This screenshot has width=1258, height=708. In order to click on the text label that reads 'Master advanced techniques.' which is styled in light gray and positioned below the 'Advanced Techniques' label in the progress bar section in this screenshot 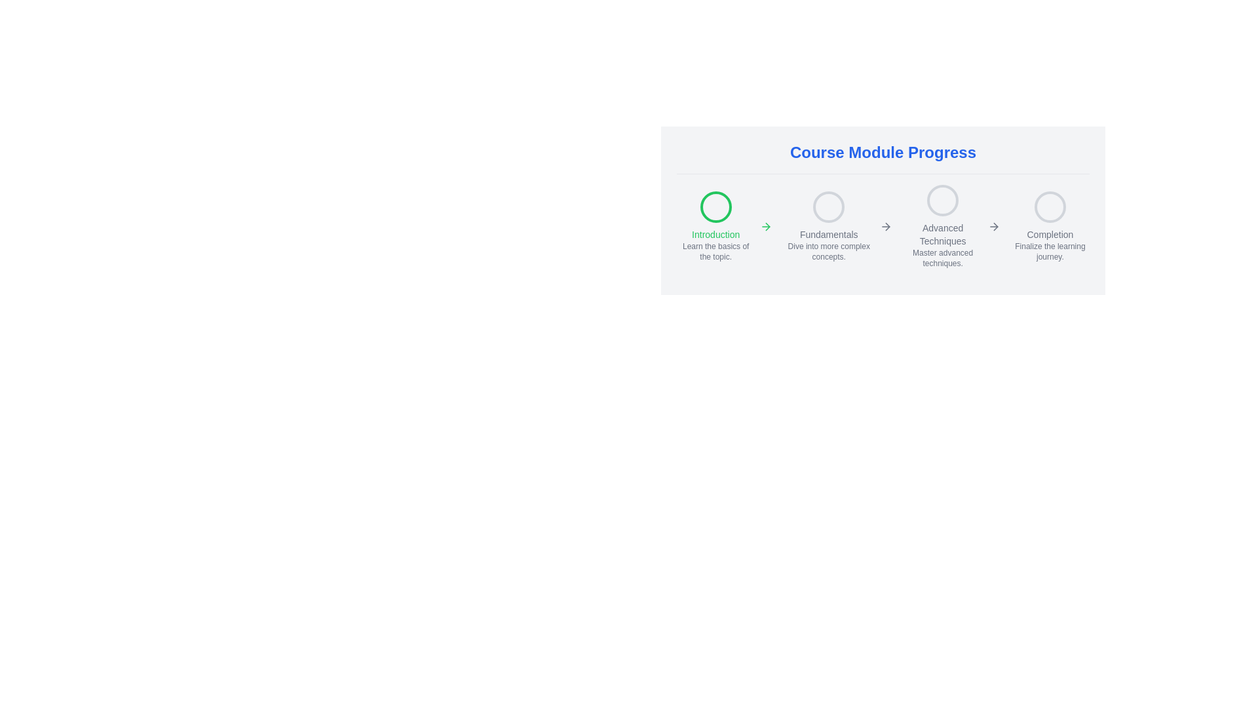, I will do `click(942, 258)`.